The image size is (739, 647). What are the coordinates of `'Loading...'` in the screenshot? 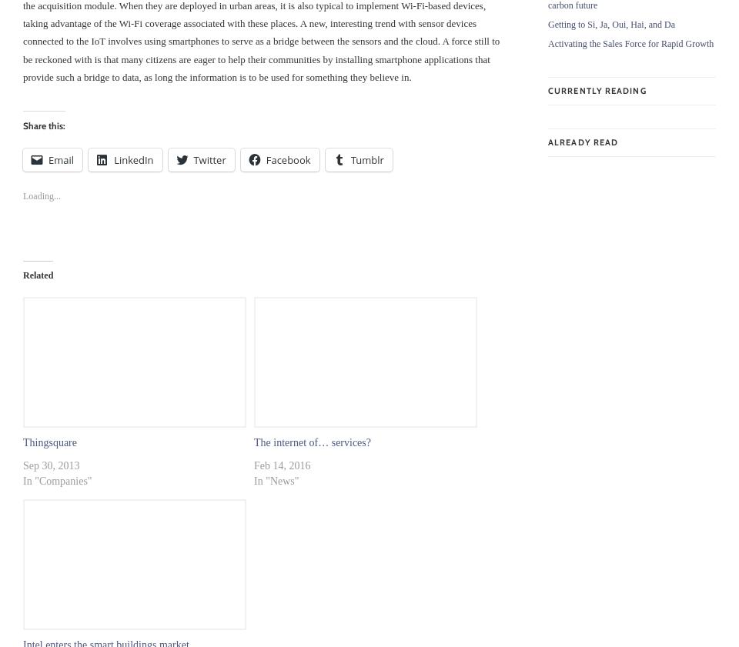 It's located at (41, 195).